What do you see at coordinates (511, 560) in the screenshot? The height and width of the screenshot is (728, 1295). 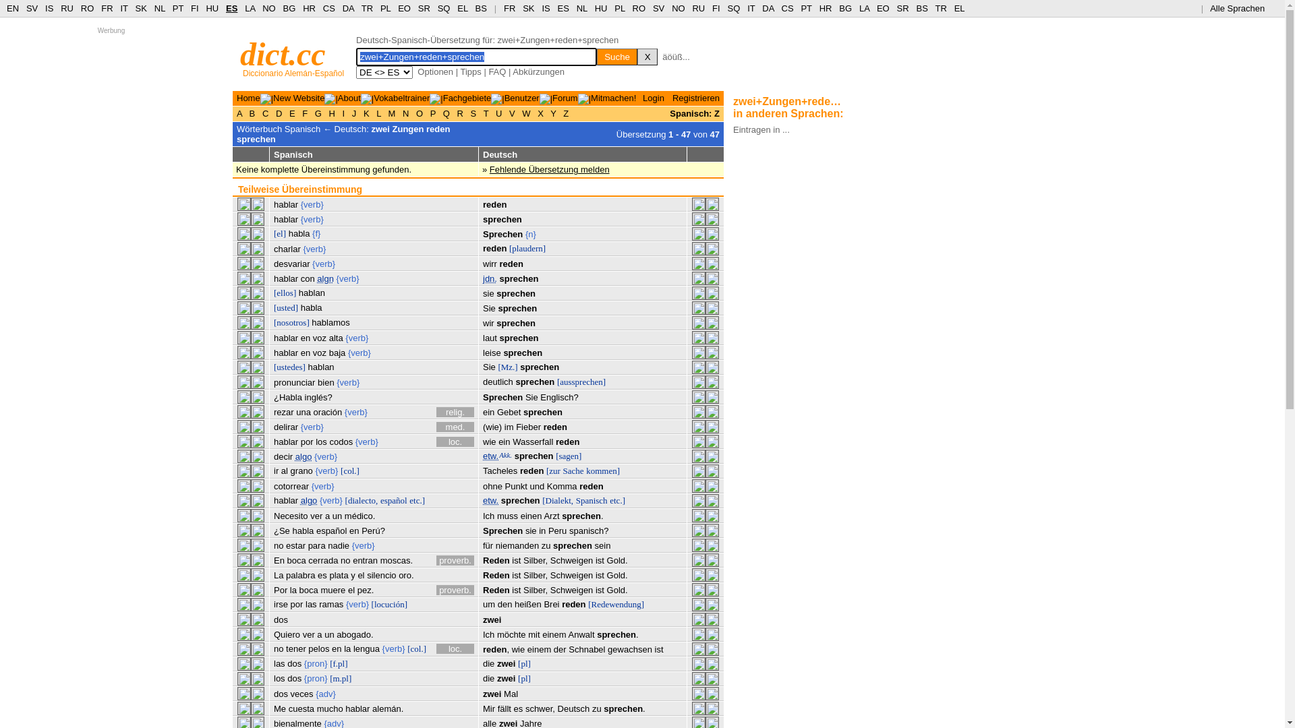 I see `'ist'` at bounding box center [511, 560].